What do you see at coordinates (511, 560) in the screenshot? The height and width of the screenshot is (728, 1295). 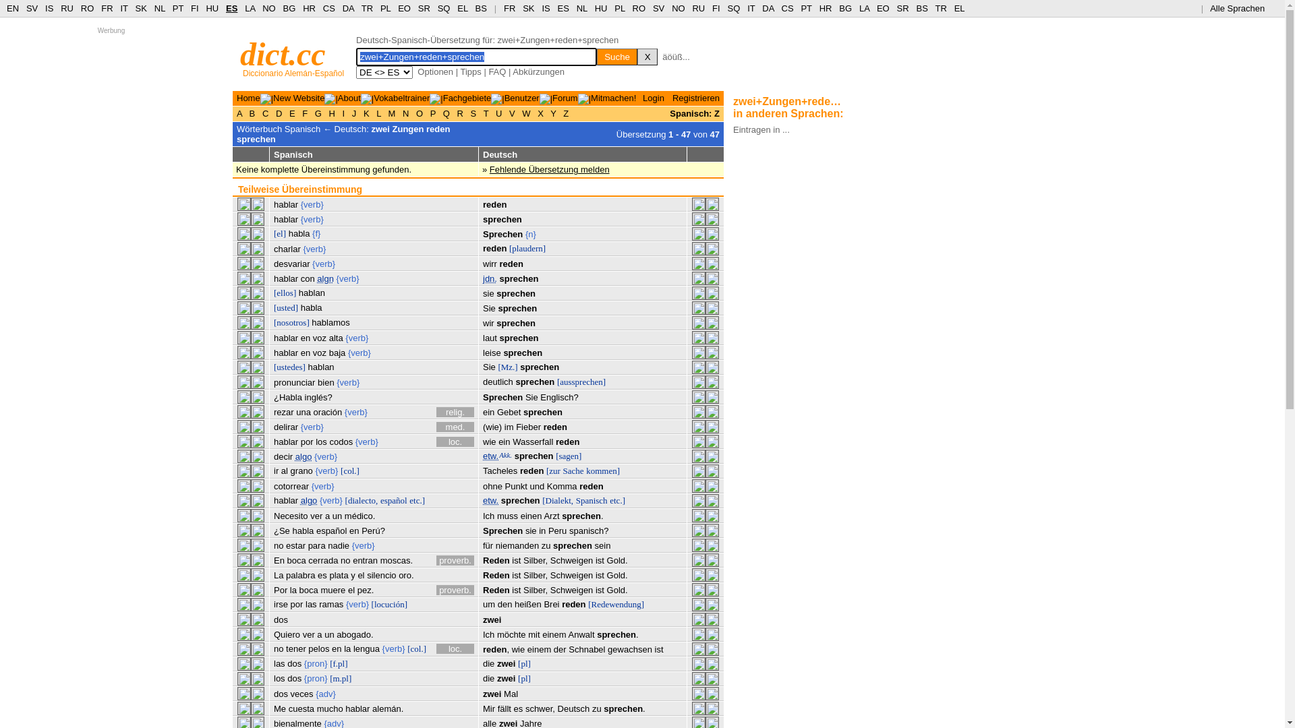 I see `'ist'` at bounding box center [511, 560].